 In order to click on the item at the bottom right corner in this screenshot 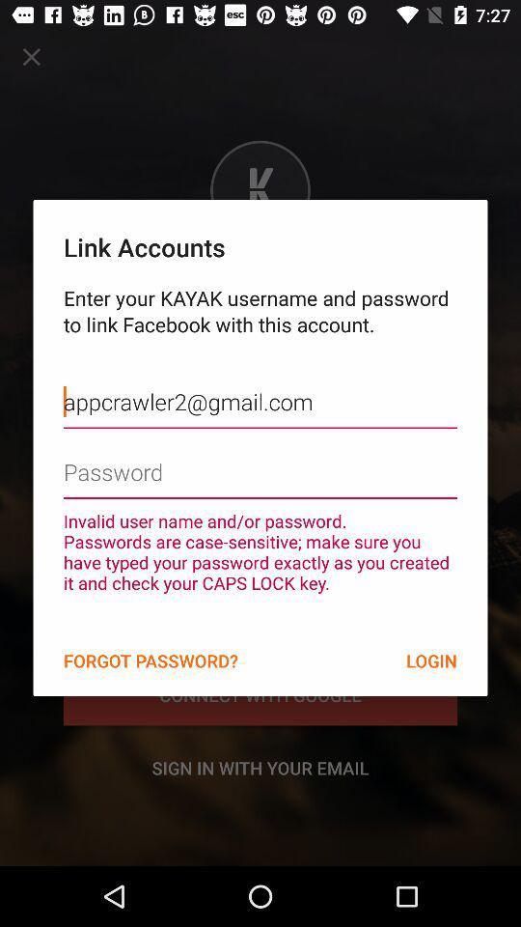, I will do `click(431, 660)`.